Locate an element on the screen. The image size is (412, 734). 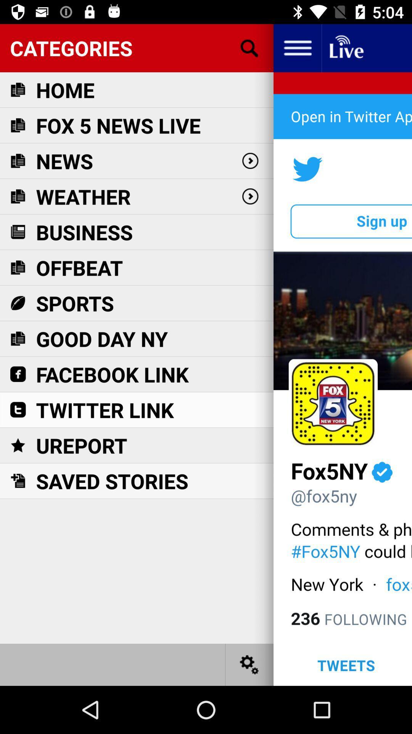
the item next to the categories item is located at coordinates (297, 47).